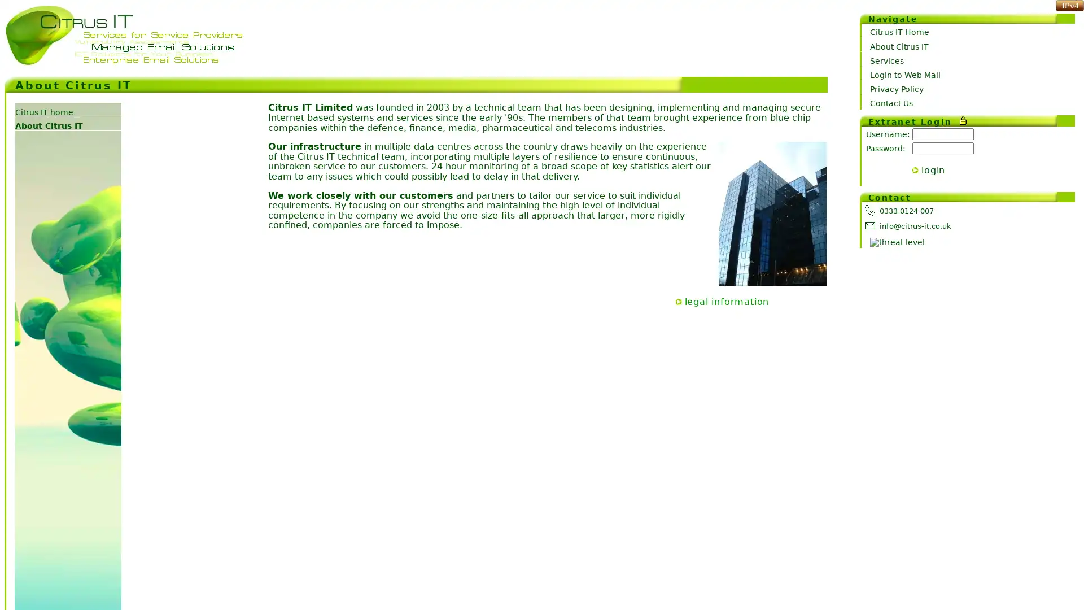  What do you see at coordinates (915, 170) in the screenshot?
I see `>` at bounding box center [915, 170].